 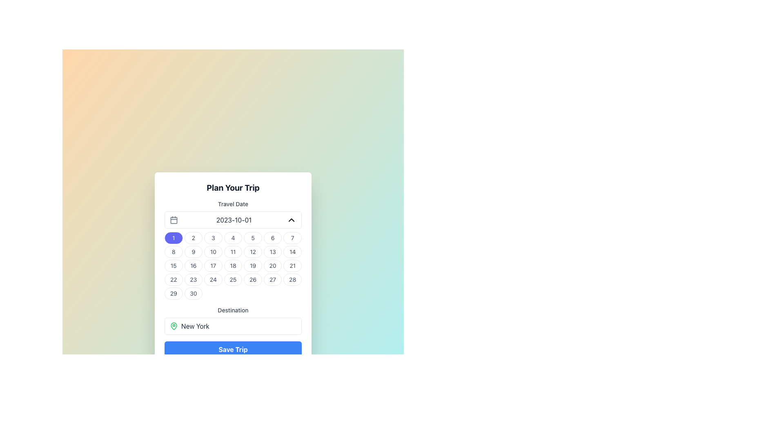 I want to click on the small, rounded rectangle button displaying the number '29', which is located in the sixth row and first column of the grid layout within the 'Plan Your Trip' form, so click(x=173, y=293).